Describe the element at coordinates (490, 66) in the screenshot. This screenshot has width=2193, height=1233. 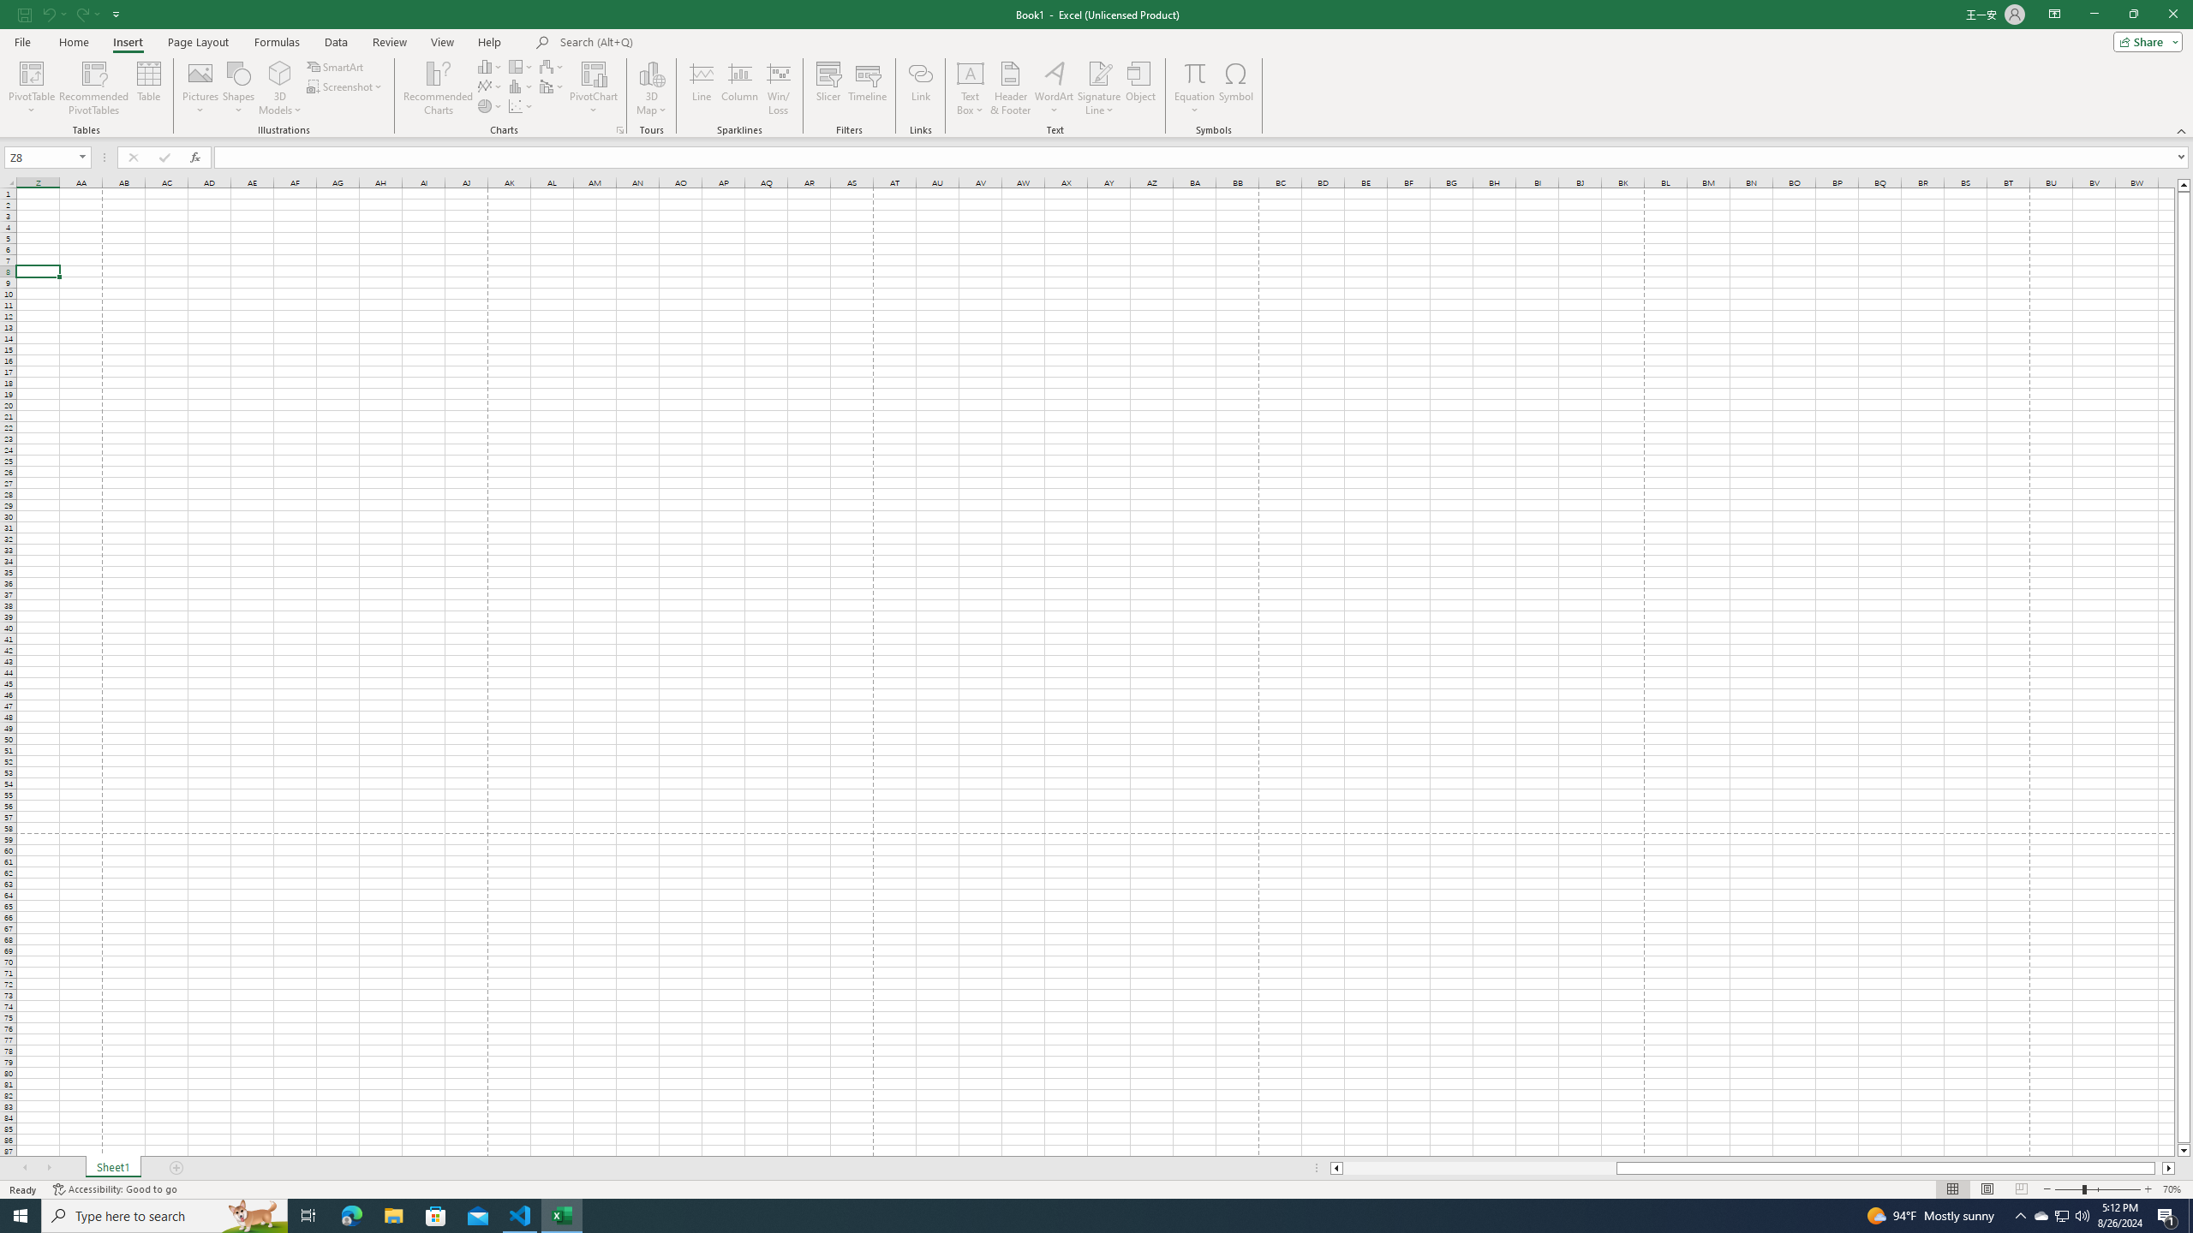
I see `'Insert Column or Bar Chart'` at that location.